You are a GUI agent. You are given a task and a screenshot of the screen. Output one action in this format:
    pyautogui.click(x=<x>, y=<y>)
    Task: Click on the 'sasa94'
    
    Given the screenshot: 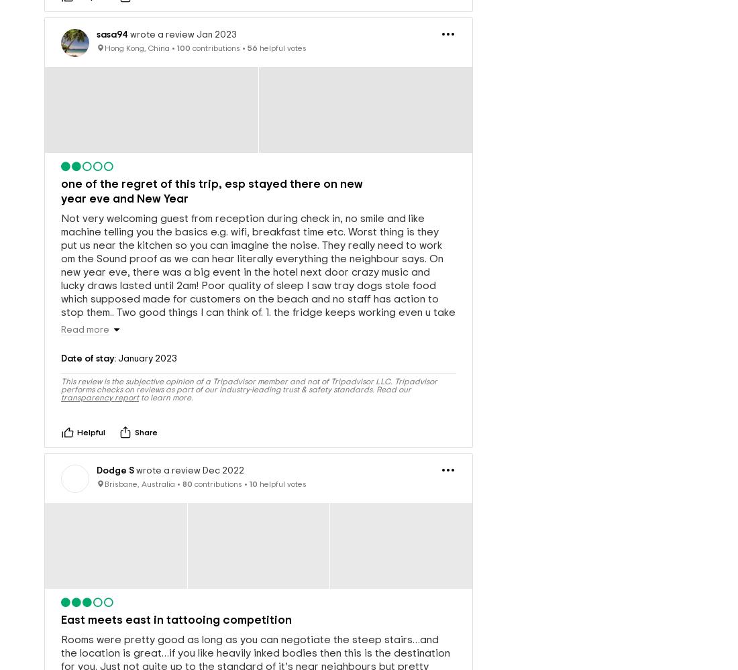 What is the action you would take?
    pyautogui.click(x=95, y=12)
    